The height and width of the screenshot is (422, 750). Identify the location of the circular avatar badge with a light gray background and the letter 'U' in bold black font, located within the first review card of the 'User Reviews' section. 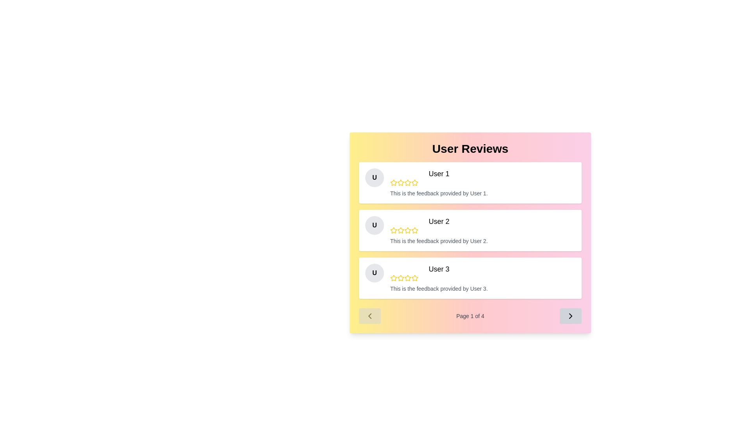
(374, 178).